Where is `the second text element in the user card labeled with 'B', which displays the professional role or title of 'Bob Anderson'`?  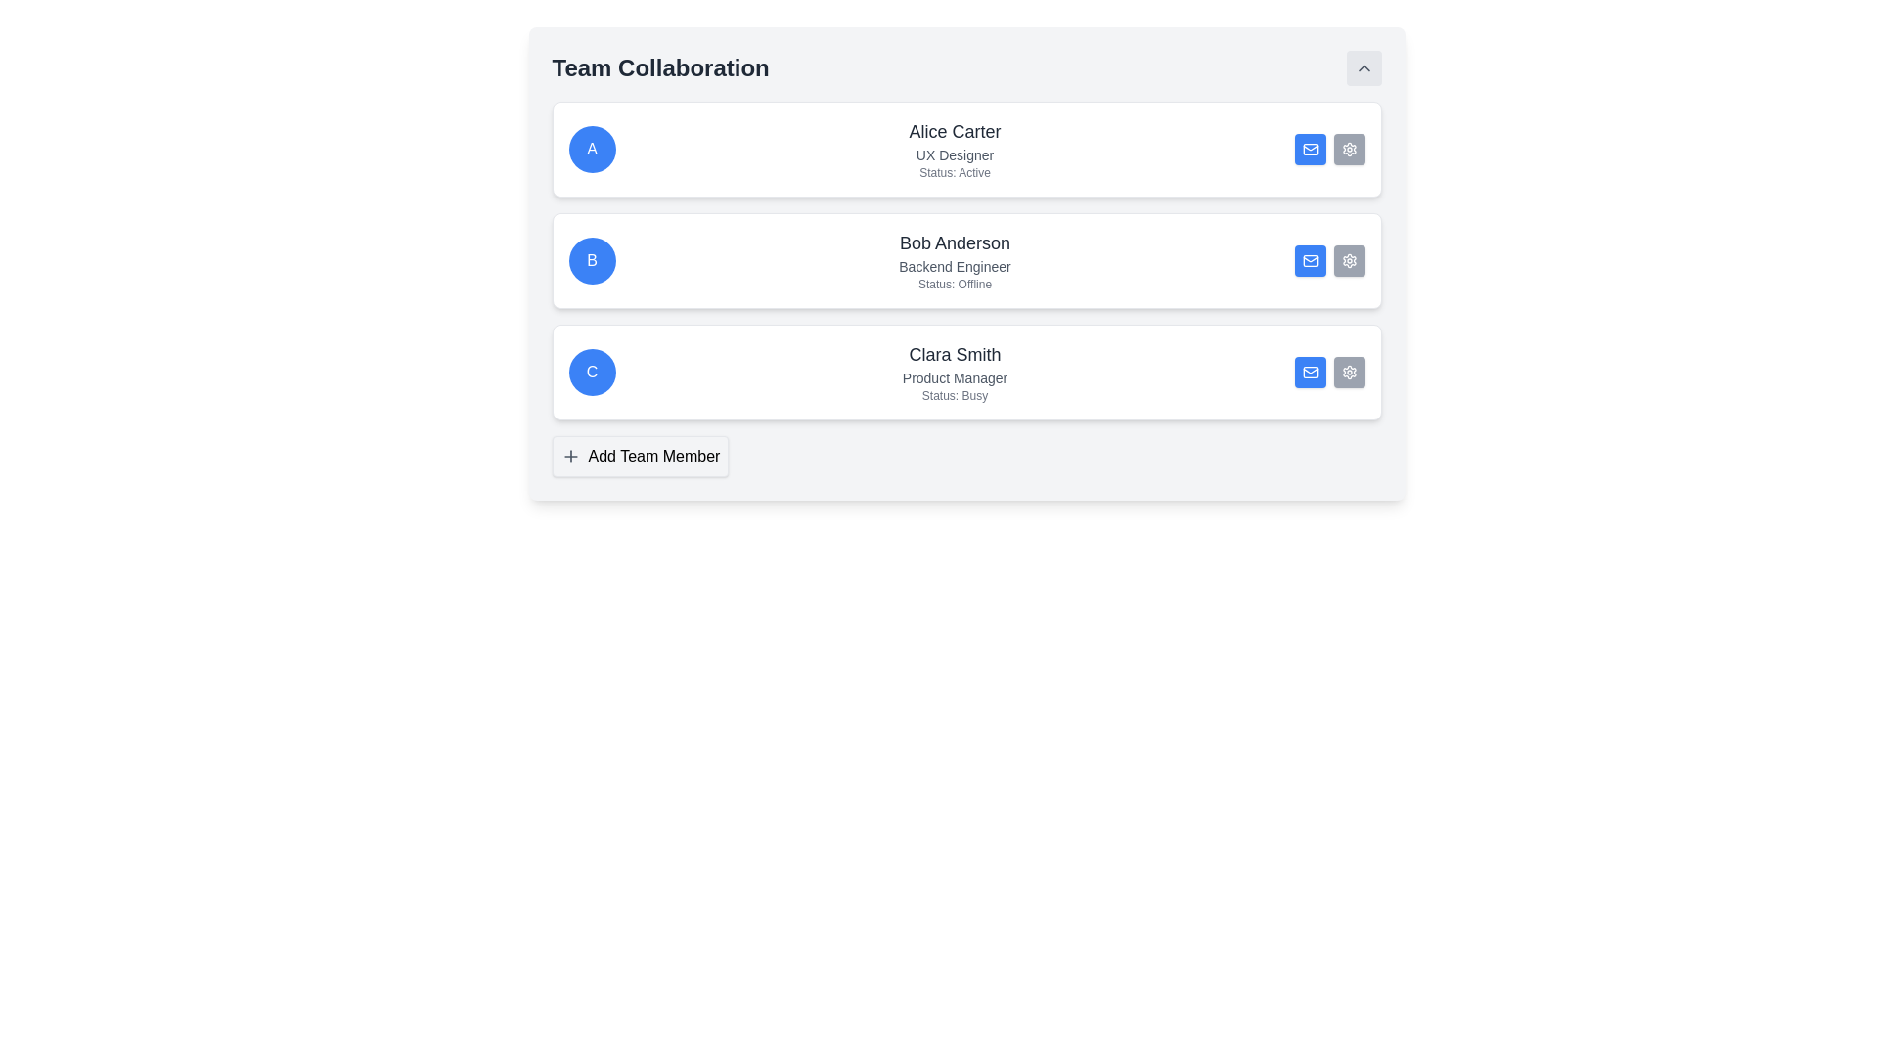
the second text element in the user card labeled with 'B', which displays the professional role or title of 'Bob Anderson' is located at coordinates (955, 267).